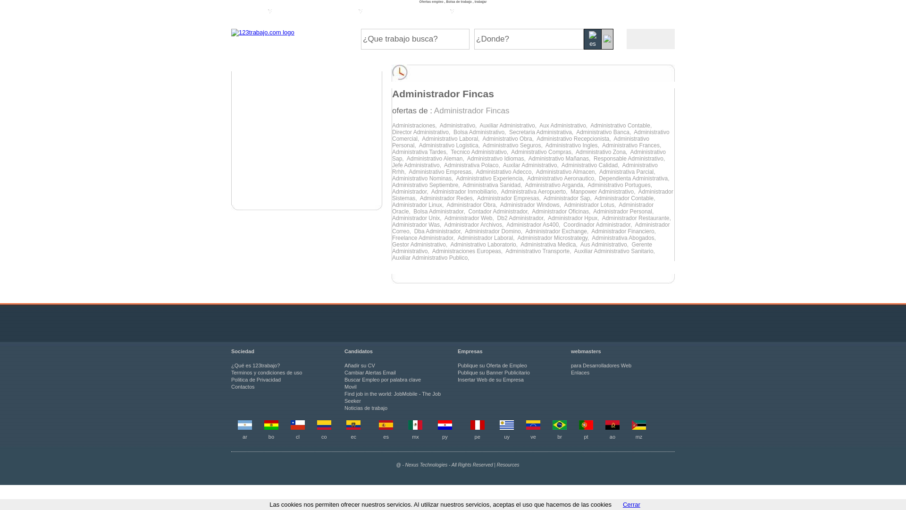  What do you see at coordinates (606, 244) in the screenshot?
I see `'Aus Administrativo, '` at bounding box center [606, 244].